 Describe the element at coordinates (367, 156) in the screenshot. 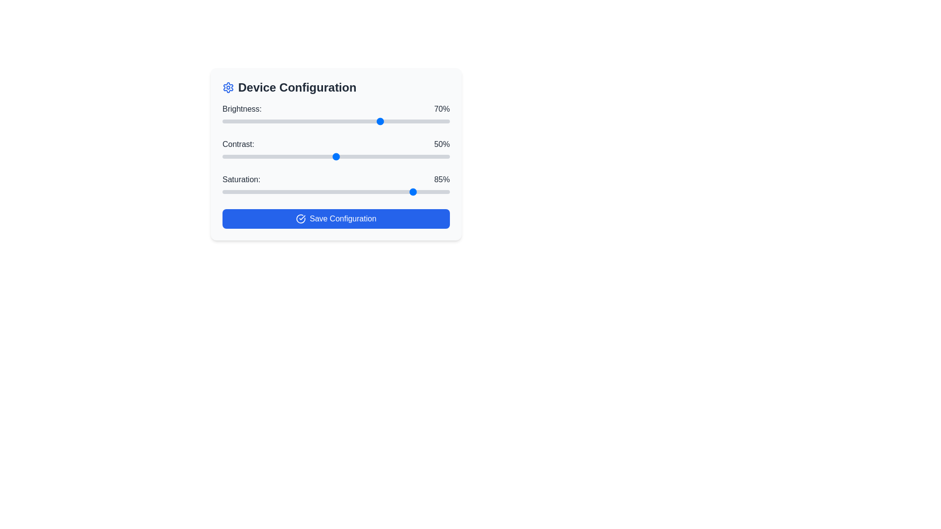

I see `the contrast` at that location.